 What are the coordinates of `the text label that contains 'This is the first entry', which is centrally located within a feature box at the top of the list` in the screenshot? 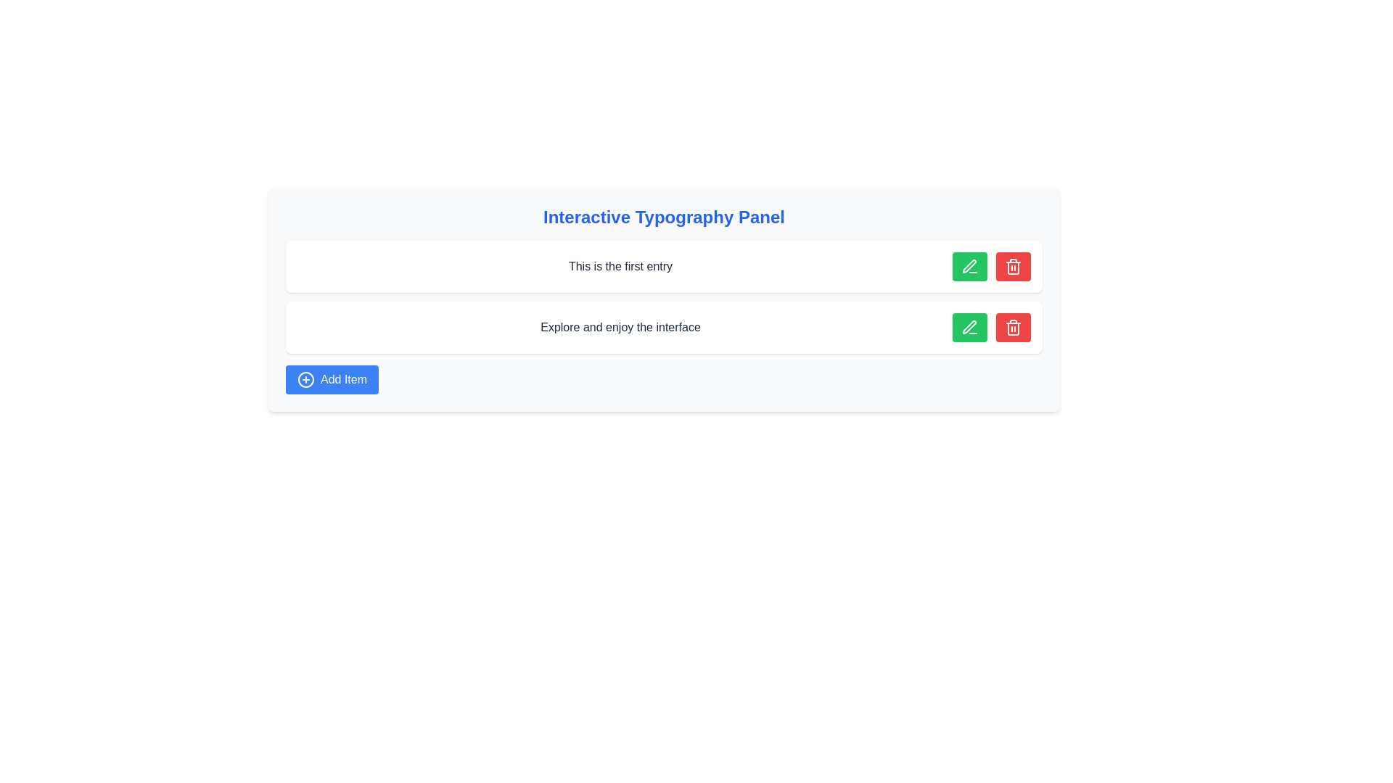 It's located at (620, 266).